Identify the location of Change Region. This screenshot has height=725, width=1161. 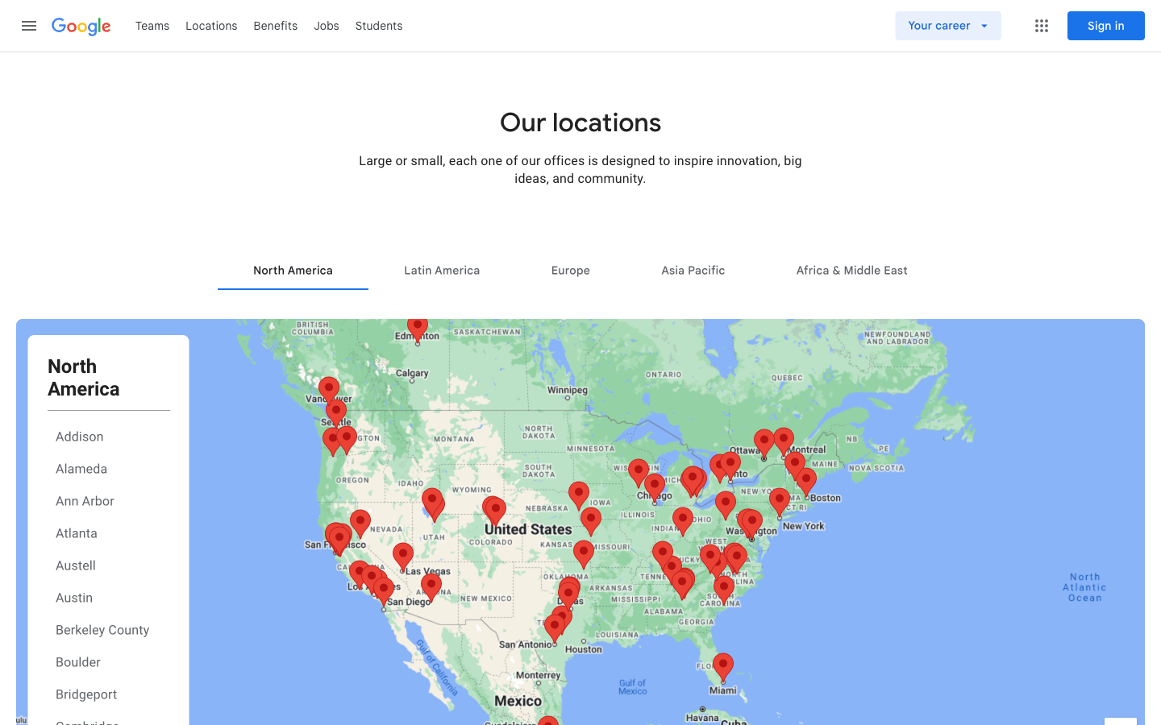
(692, 269).